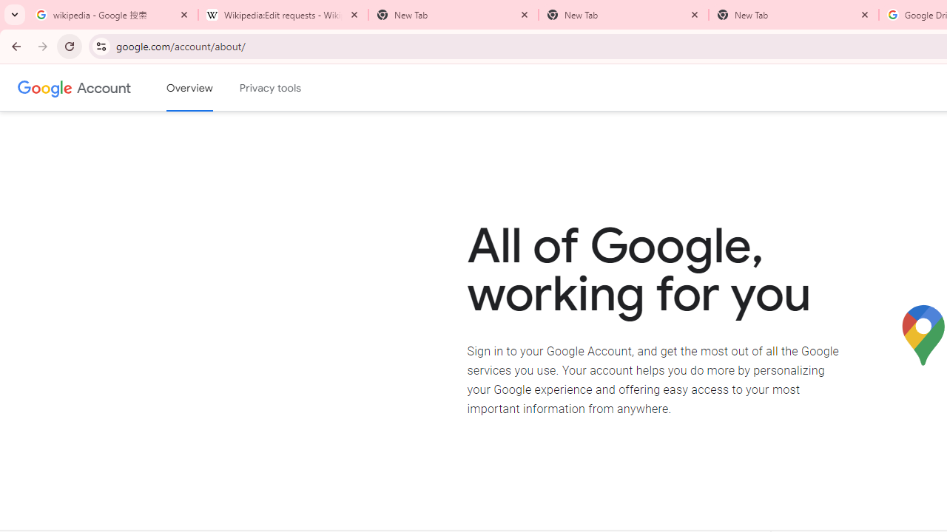  I want to click on 'New Tab', so click(792, 15).